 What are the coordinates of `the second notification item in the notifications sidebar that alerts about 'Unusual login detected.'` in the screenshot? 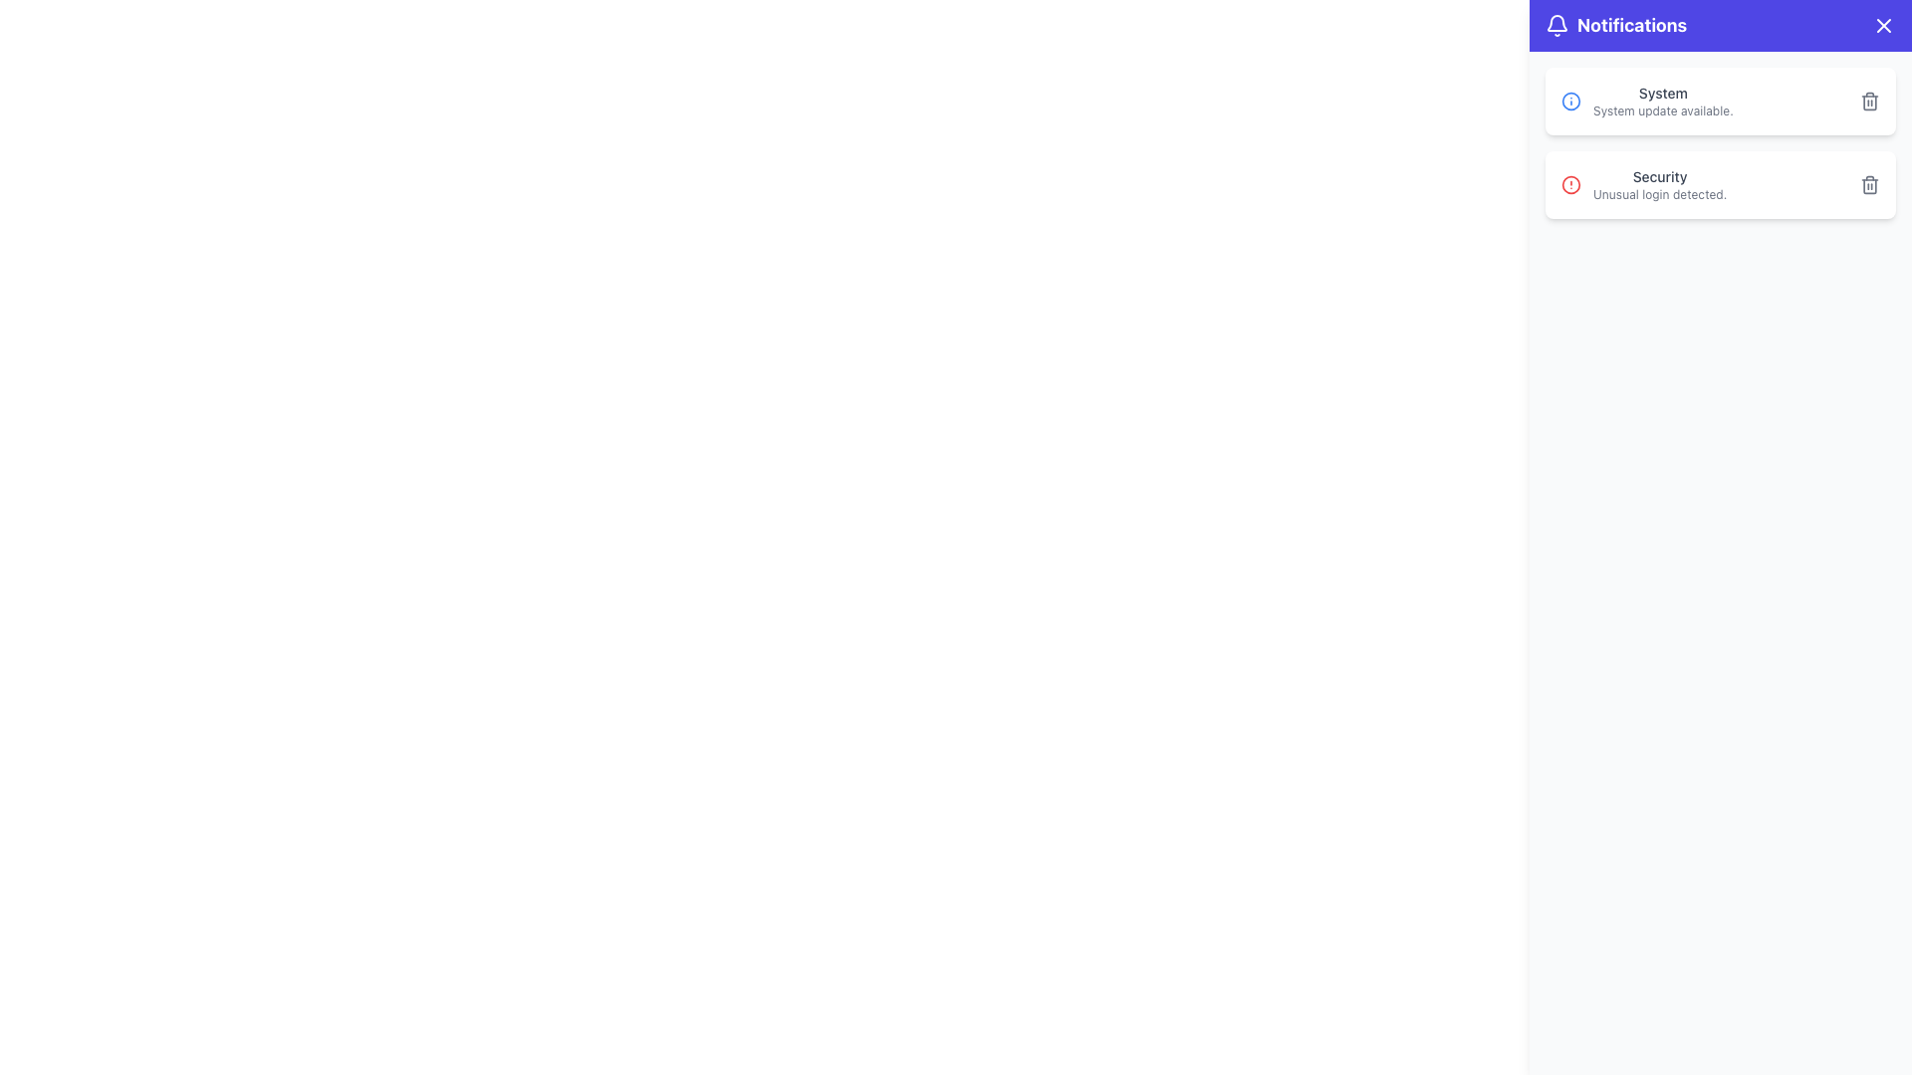 It's located at (1644, 184).